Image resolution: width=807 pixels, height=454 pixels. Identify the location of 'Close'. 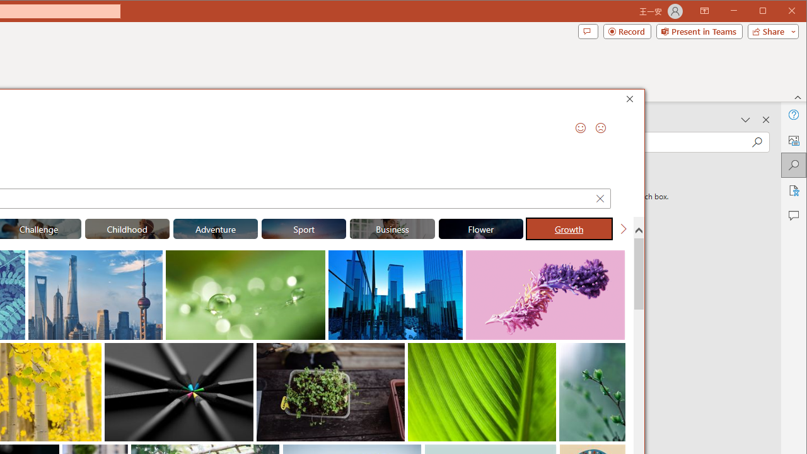
(633, 100).